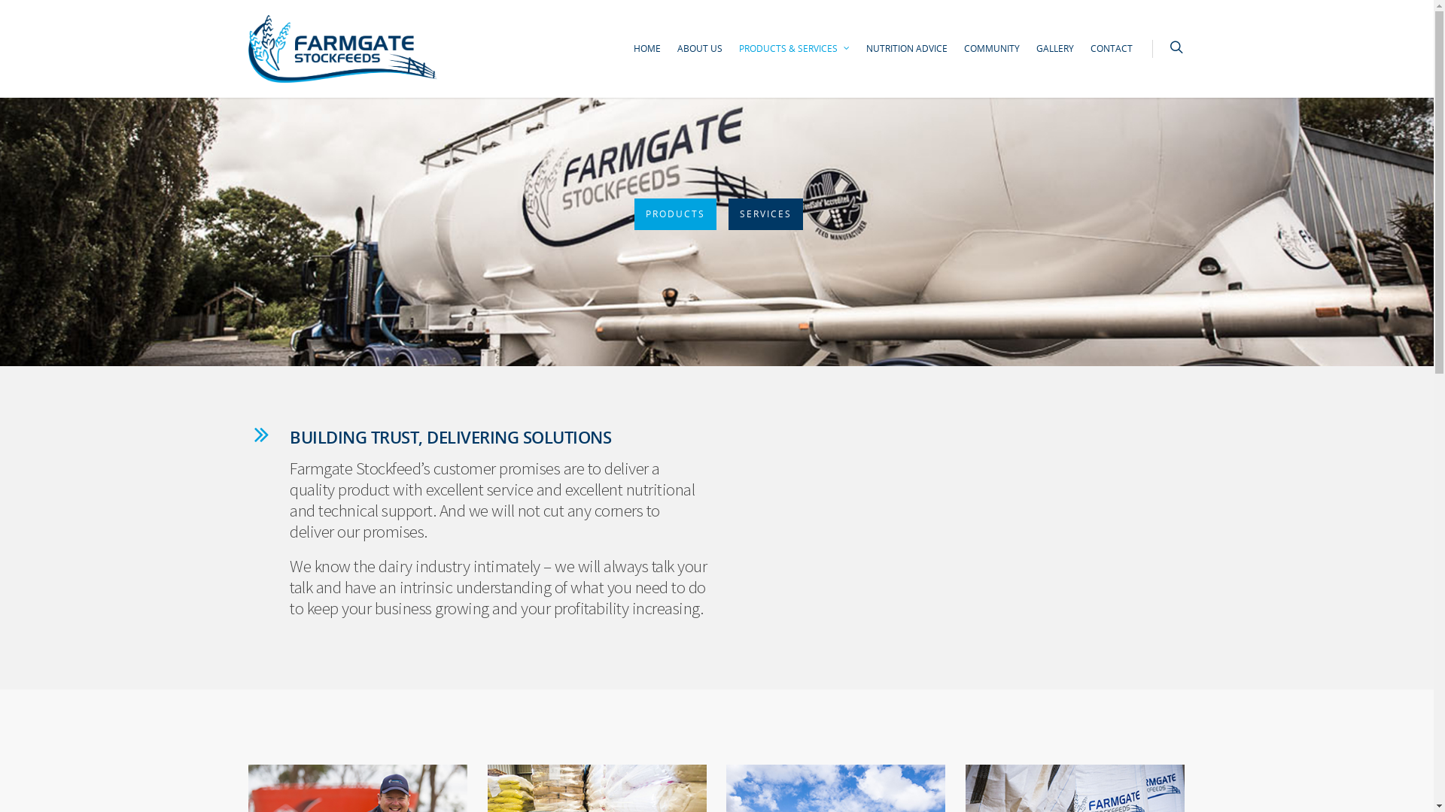  What do you see at coordinates (674, 214) in the screenshot?
I see `'PRODUCTS'` at bounding box center [674, 214].